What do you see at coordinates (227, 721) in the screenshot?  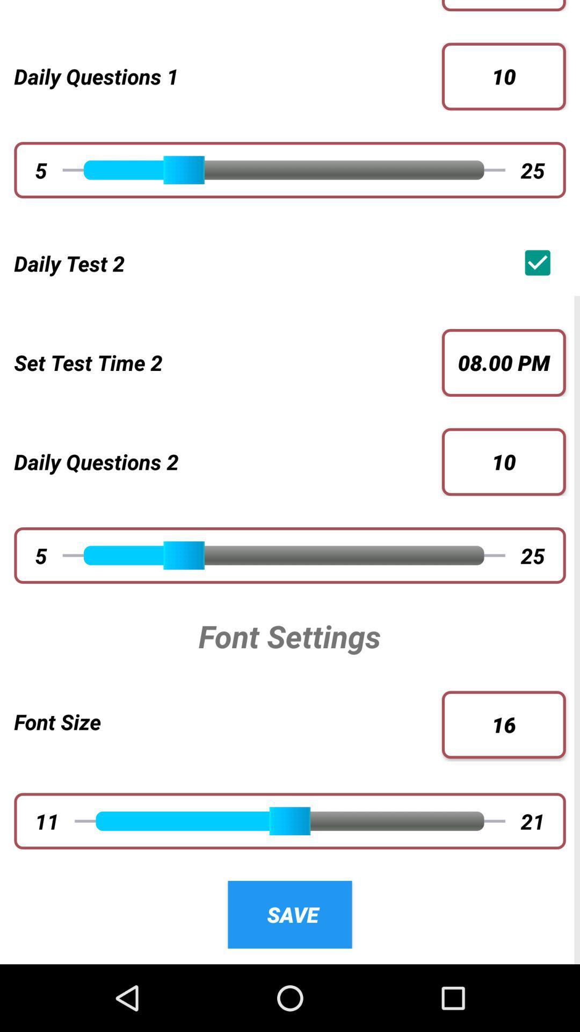 I see `the app below the font settings` at bounding box center [227, 721].